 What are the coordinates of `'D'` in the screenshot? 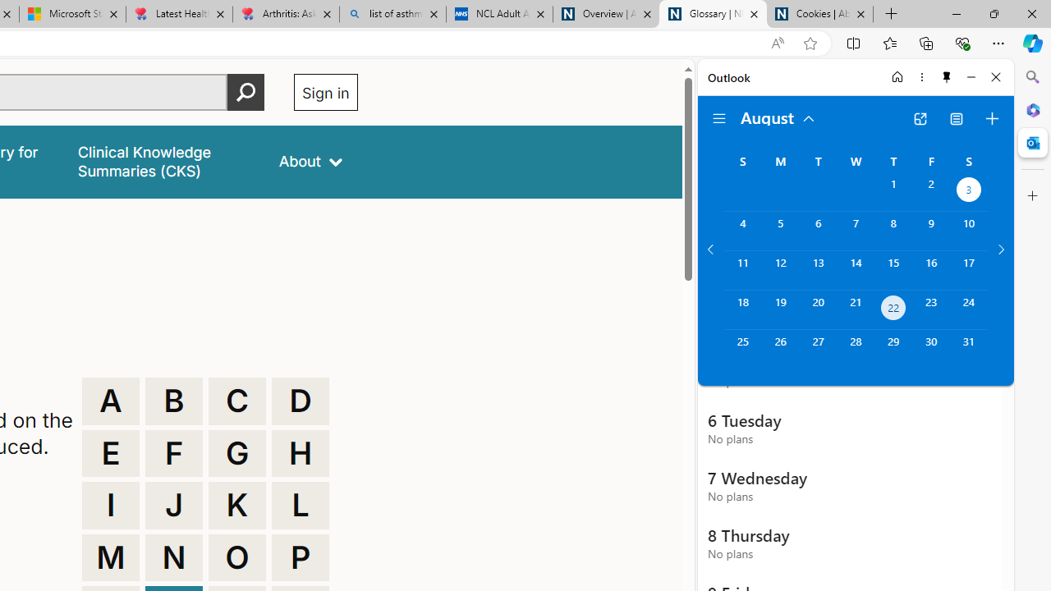 It's located at (301, 401).